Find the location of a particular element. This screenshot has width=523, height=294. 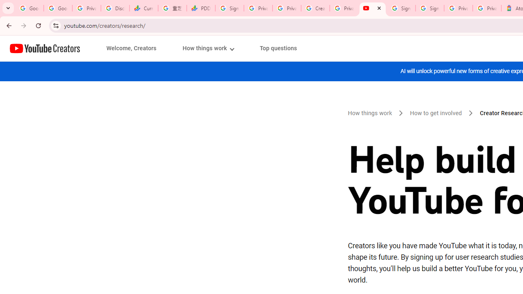

'How things work ' is located at coordinates (370, 113).